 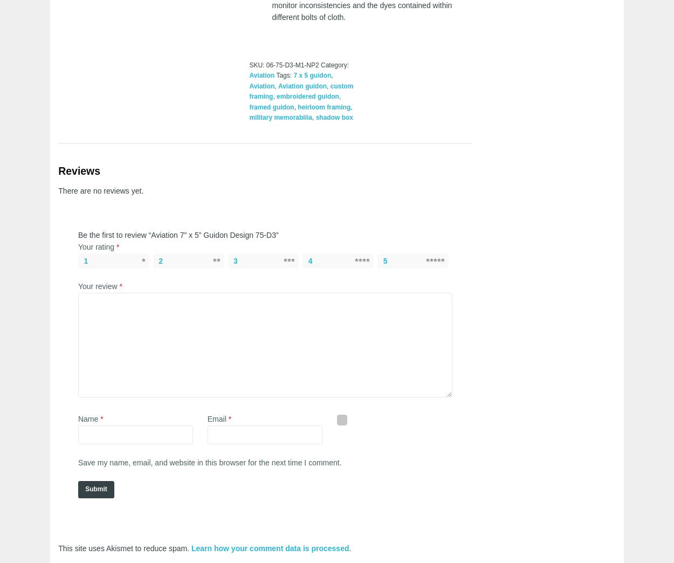 I want to click on 'There are no reviews yet.', so click(x=101, y=190).